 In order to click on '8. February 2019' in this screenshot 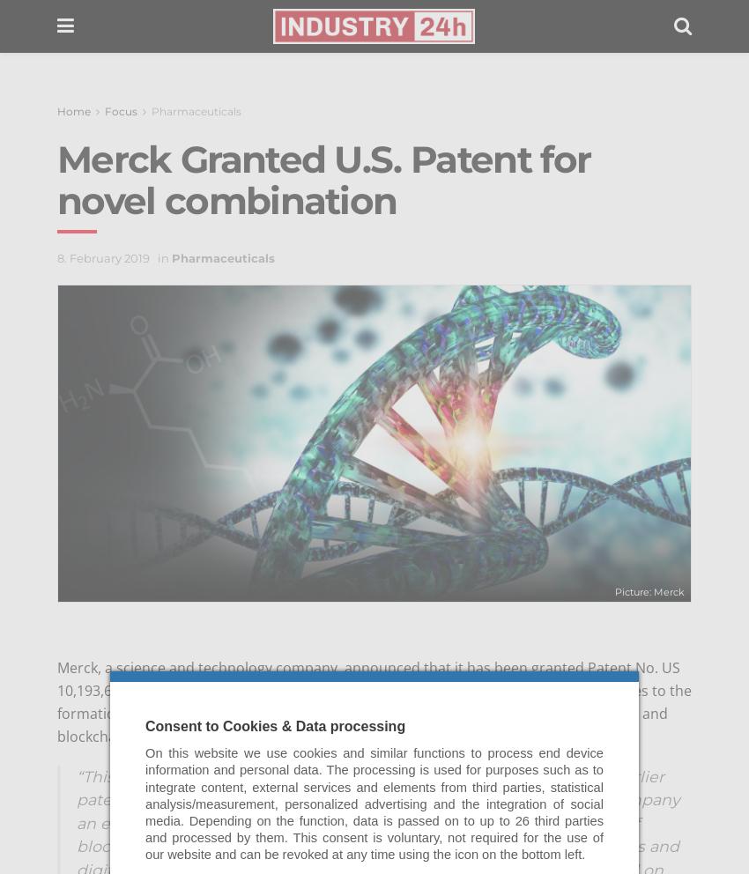, I will do `click(102, 257)`.